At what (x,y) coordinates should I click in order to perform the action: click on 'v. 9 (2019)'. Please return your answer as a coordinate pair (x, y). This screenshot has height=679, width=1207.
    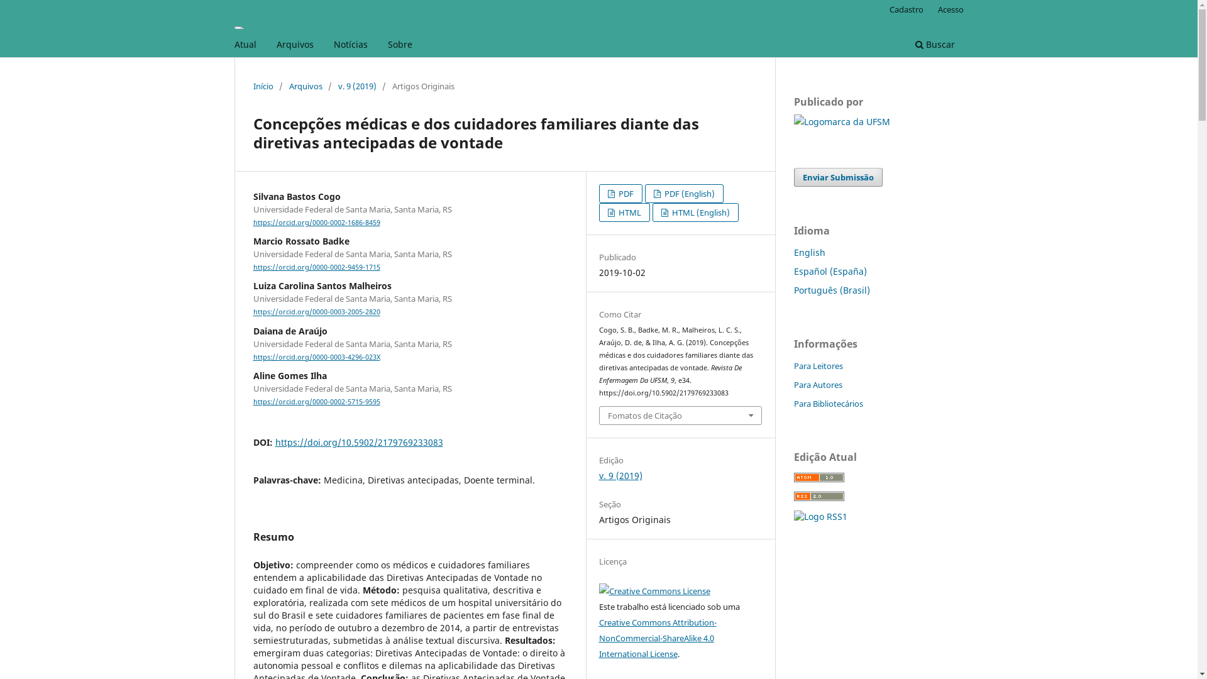
    Looking at the image, I should click on (598, 475).